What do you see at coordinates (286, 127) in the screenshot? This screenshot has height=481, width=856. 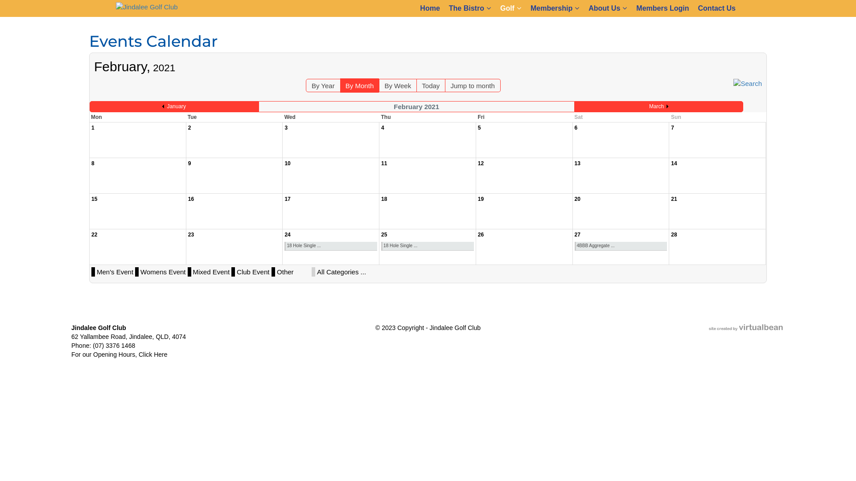 I see `'3'` at bounding box center [286, 127].